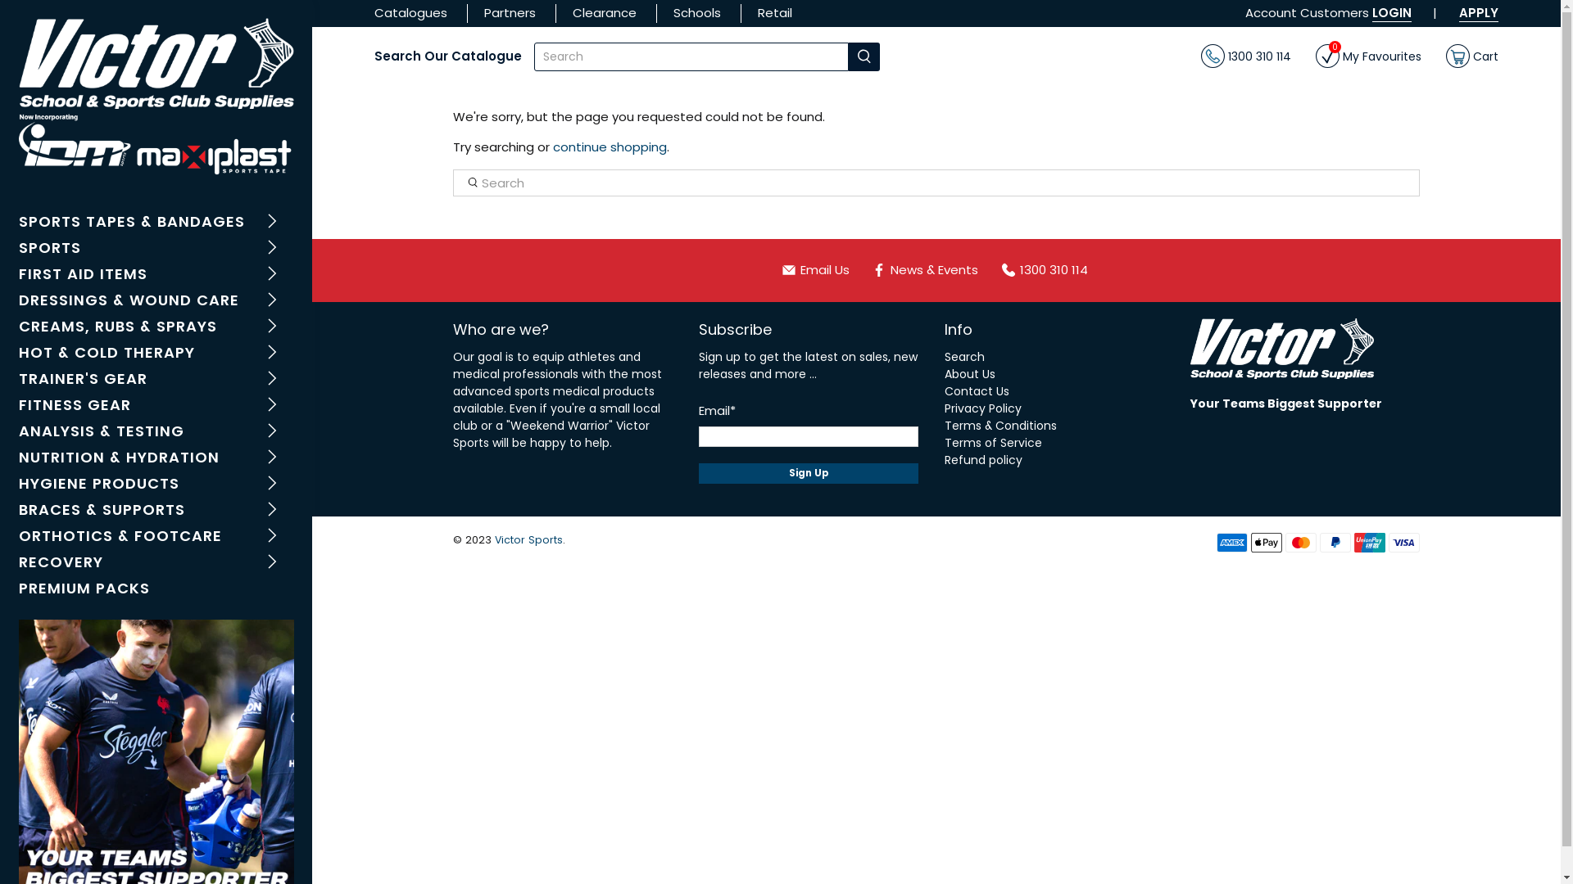 This screenshot has height=884, width=1573. What do you see at coordinates (1471, 56) in the screenshot?
I see `'Cart'` at bounding box center [1471, 56].